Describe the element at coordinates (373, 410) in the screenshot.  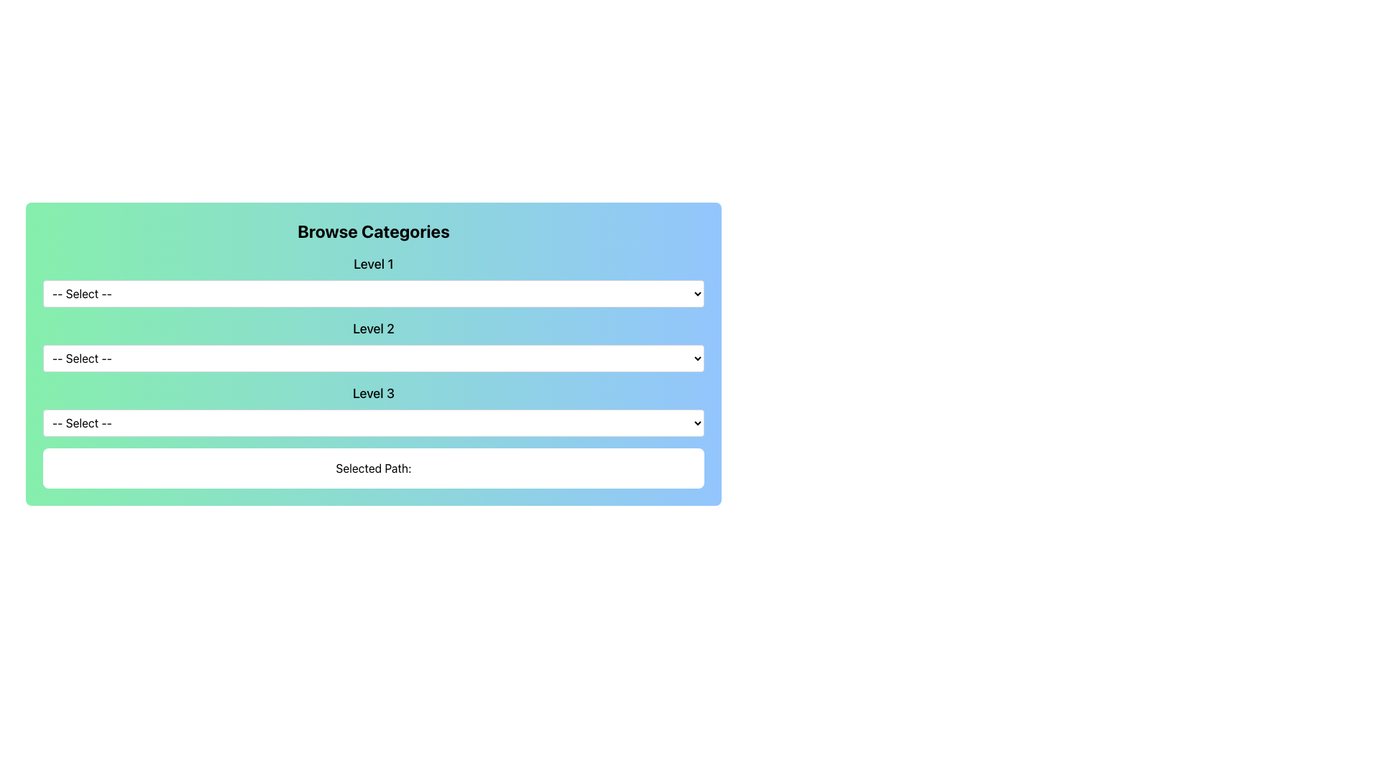
I see `the Dropdown menu for 'Level 3'` at that location.